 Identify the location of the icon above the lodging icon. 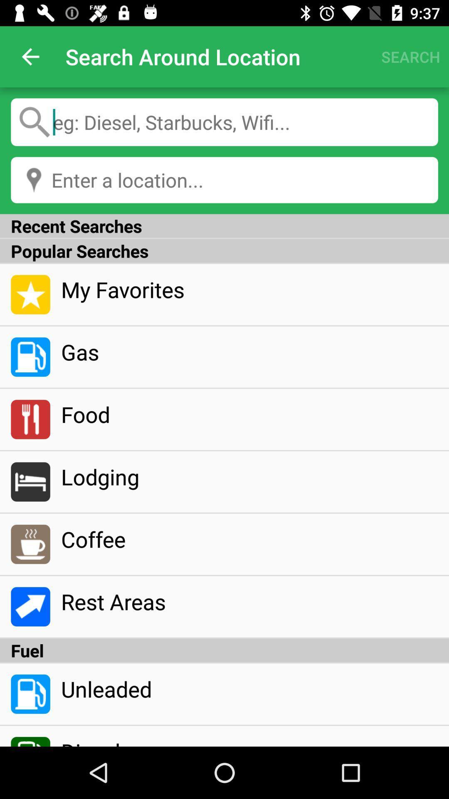
(249, 414).